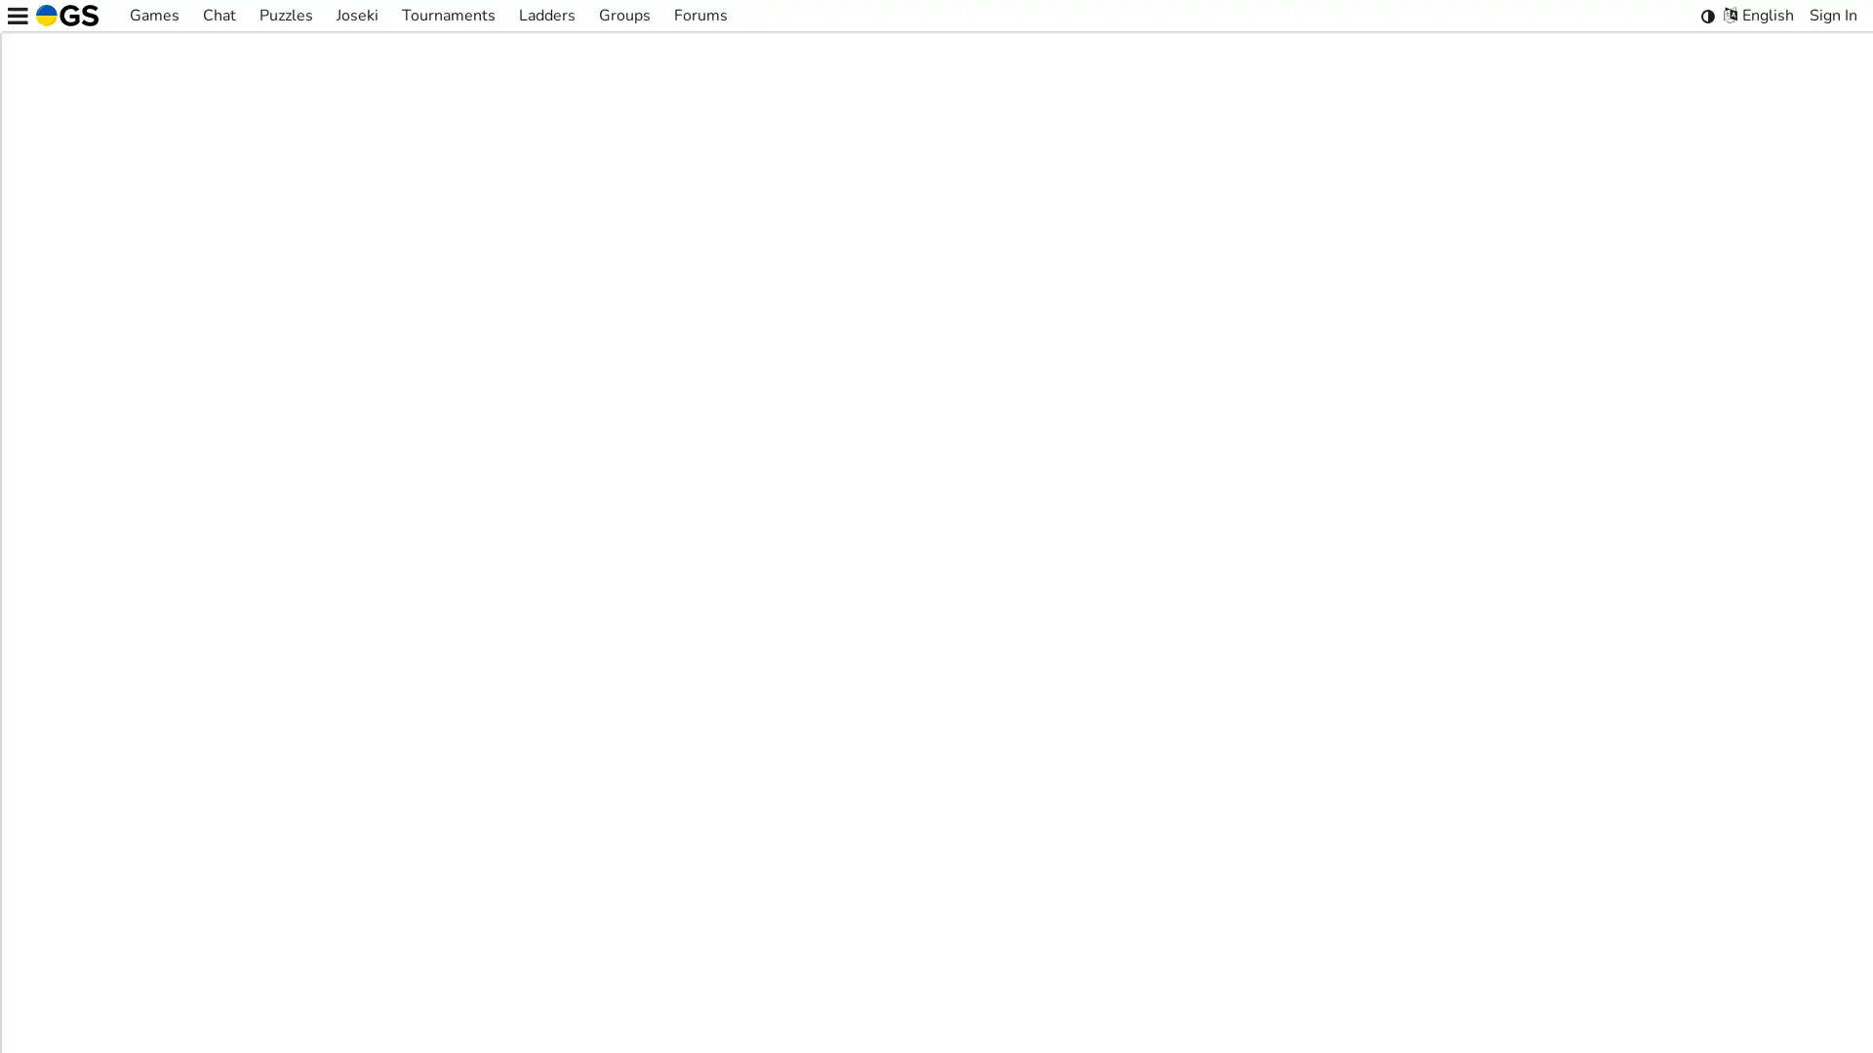 The width and height of the screenshot is (1873, 1053). I want to click on 13x13, so click(873, 769).